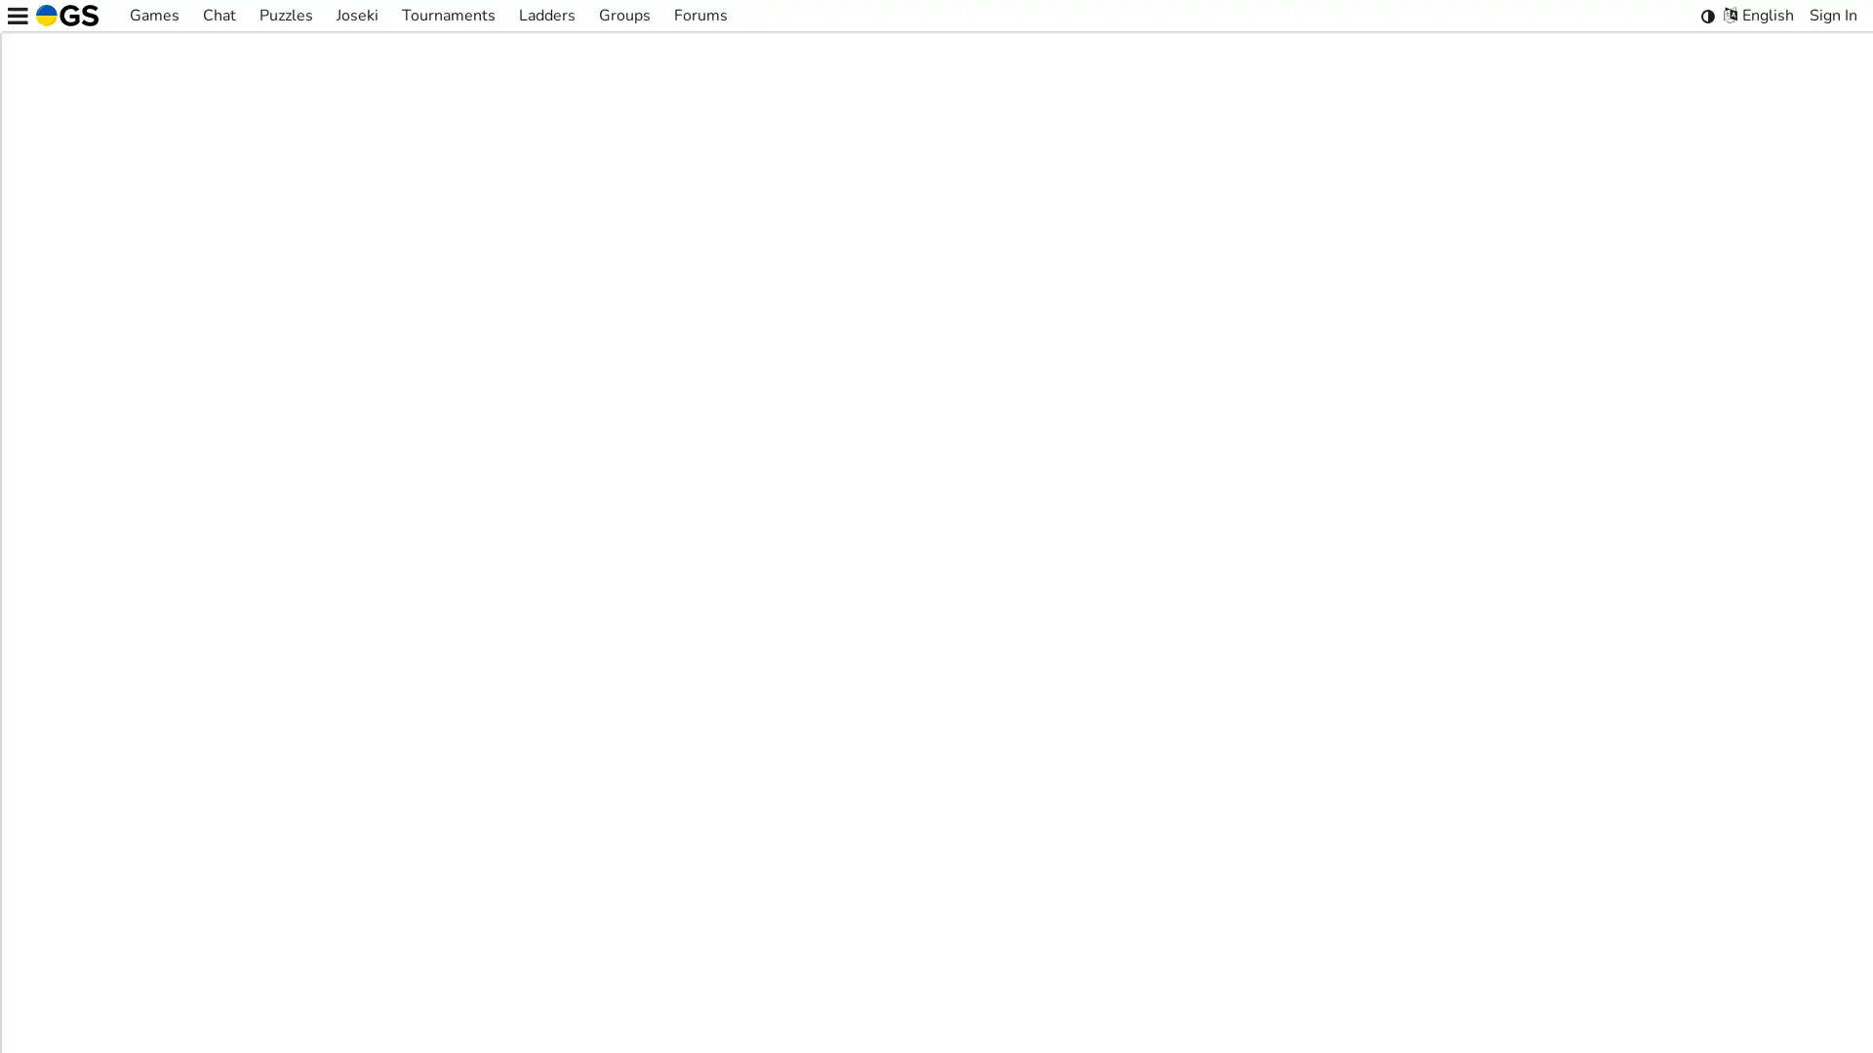 The width and height of the screenshot is (1873, 1053). I want to click on 13x13, so click(873, 769).